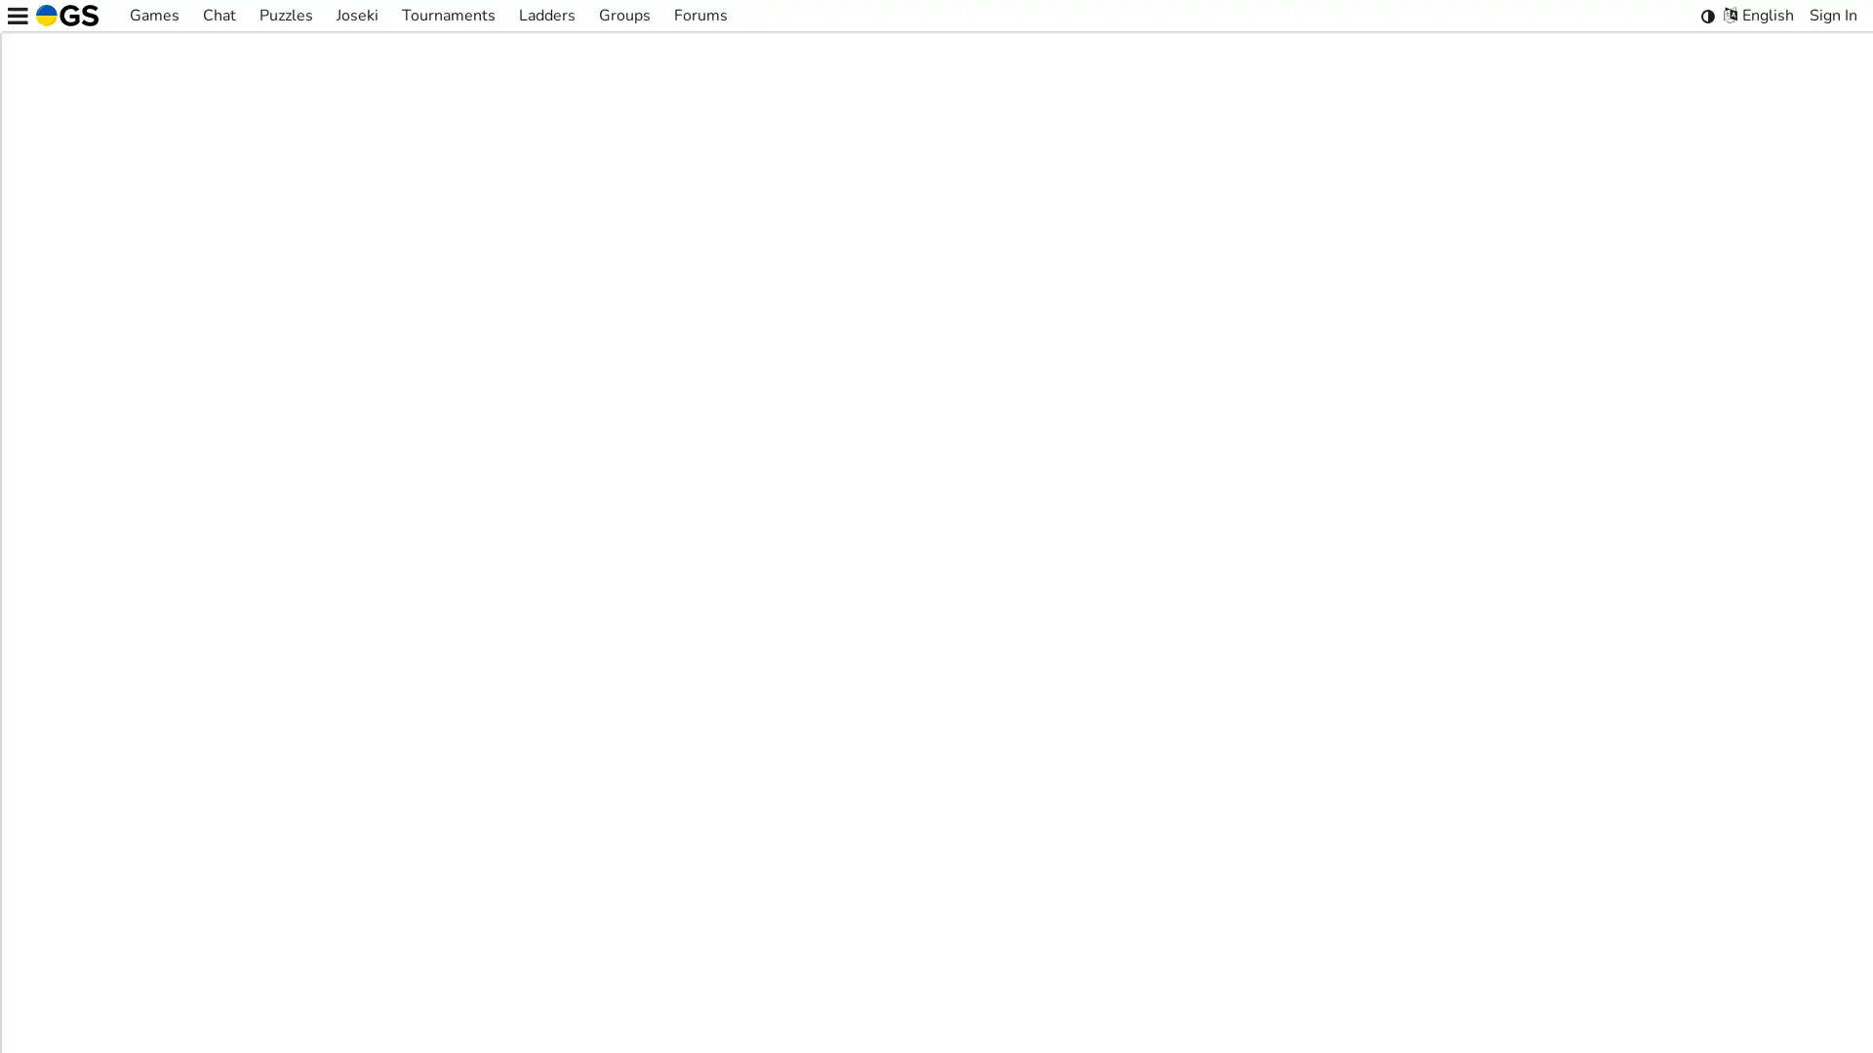 The width and height of the screenshot is (1873, 1053). I want to click on 13x13, so click(873, 769).